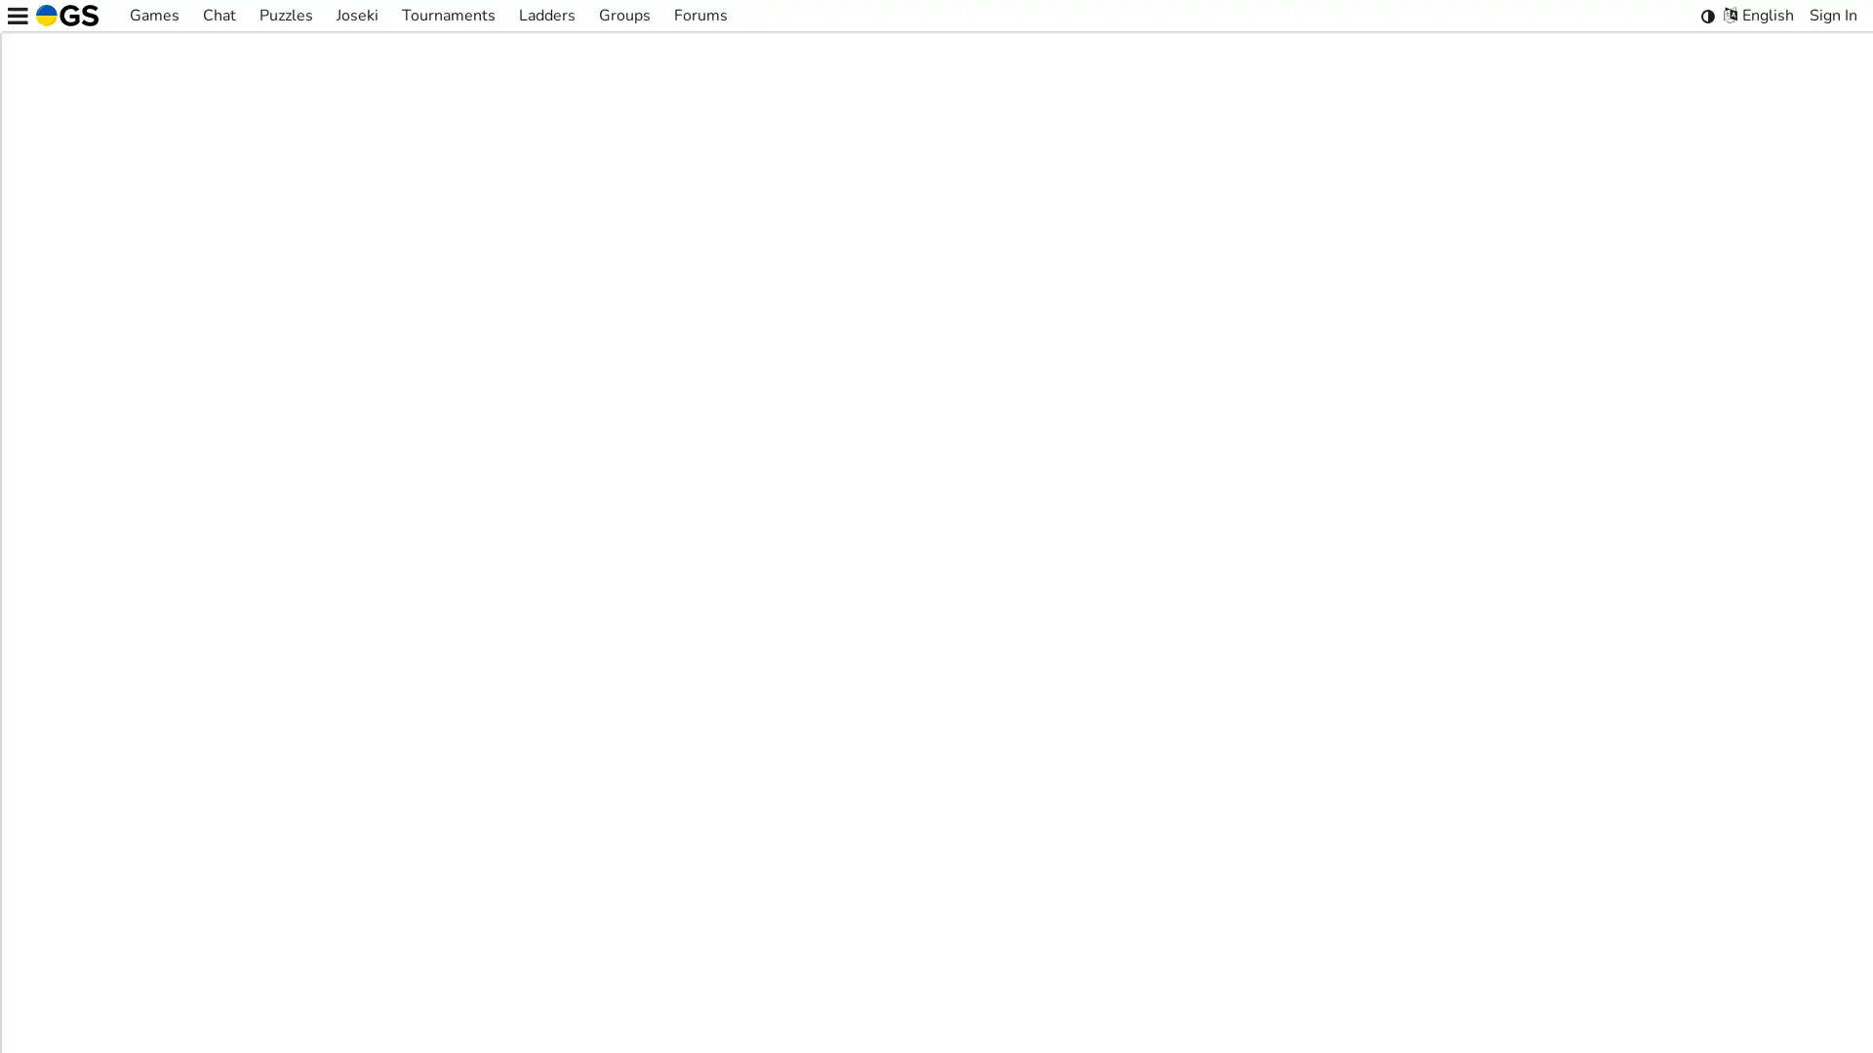 The width and height of the screenshot is (1873, 1053). I want to click on 13x13, so click(873, 769).